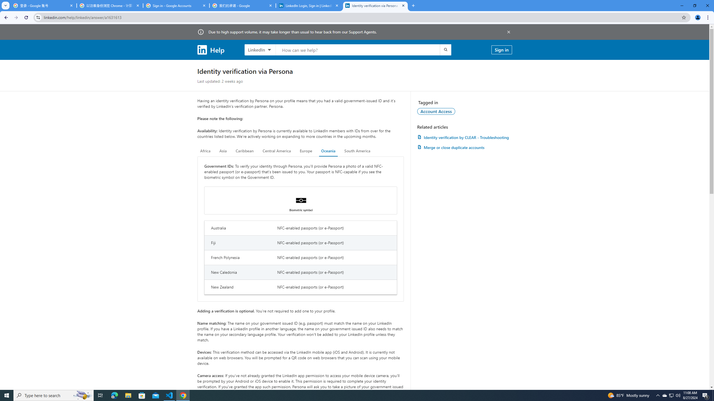  Describe the element at coordinates (464, 137) in the screenshot. I see `'AutomationID: article-link-a1457505'` at that location.